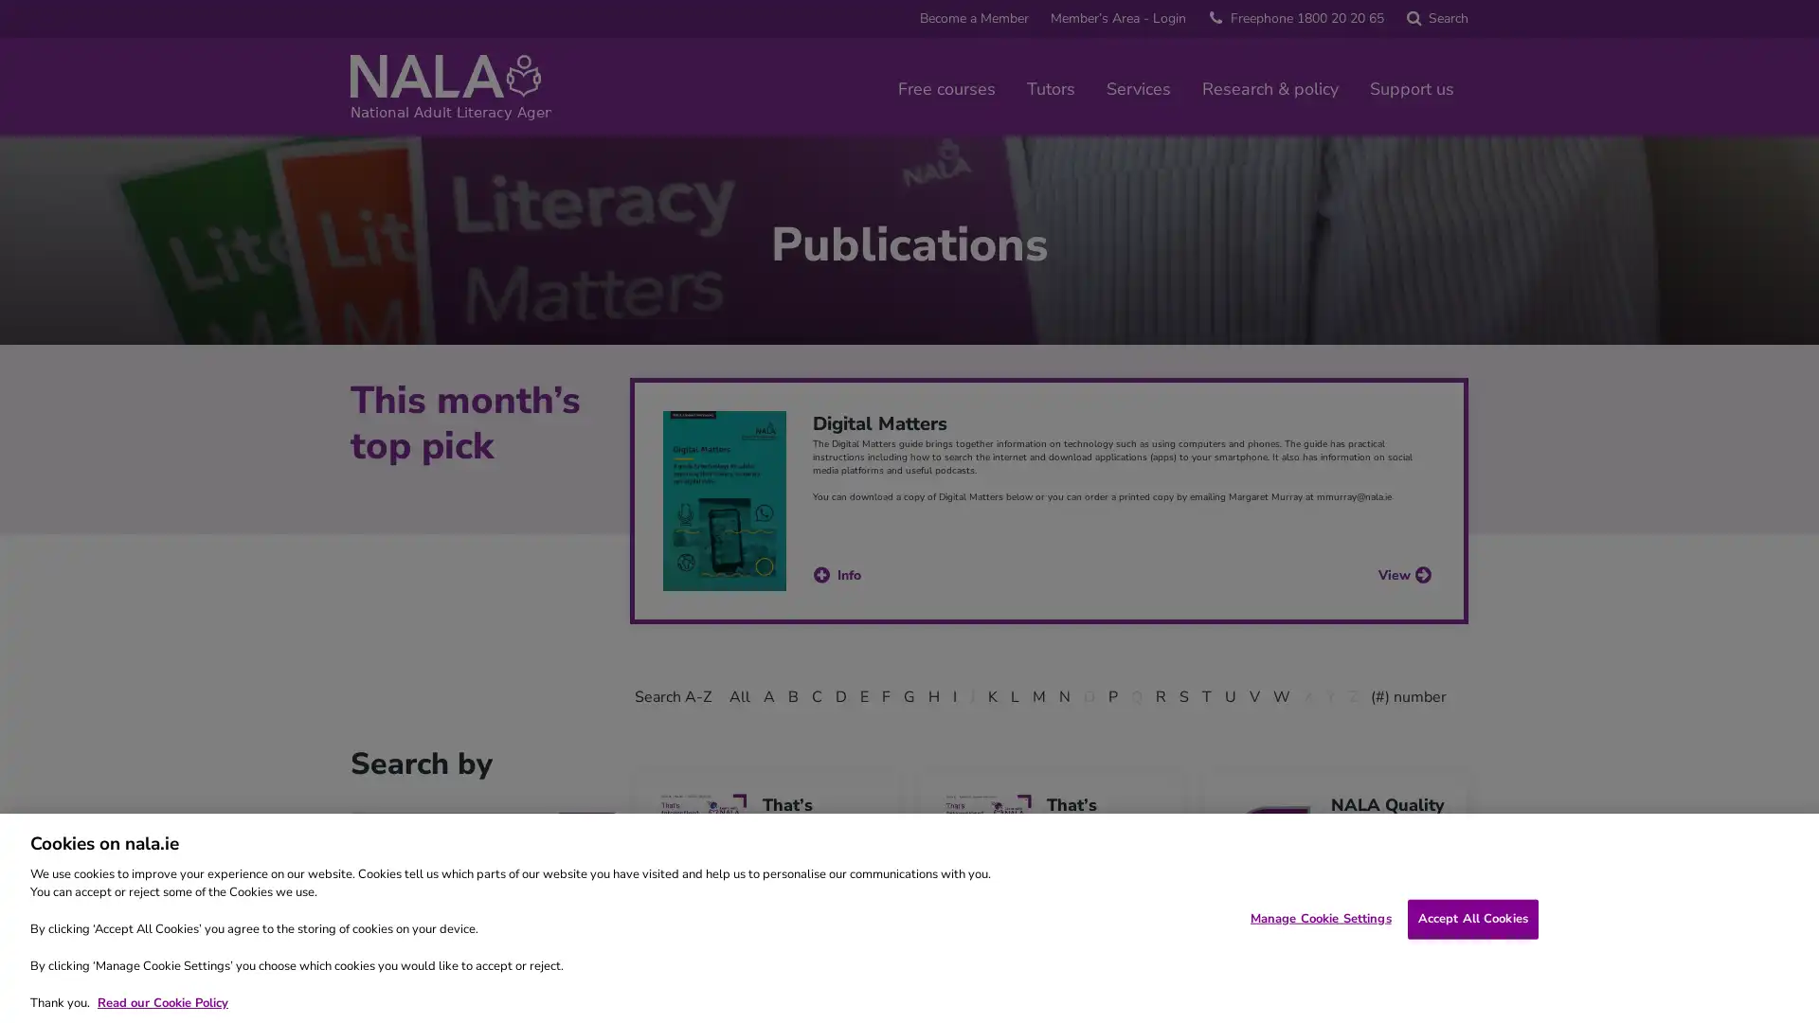 This screenshot has width=1819, height=1023. What do you see at coordinates (1436, 18) in the screenshot?
I see `Search` at bounding box center [1436, 18].